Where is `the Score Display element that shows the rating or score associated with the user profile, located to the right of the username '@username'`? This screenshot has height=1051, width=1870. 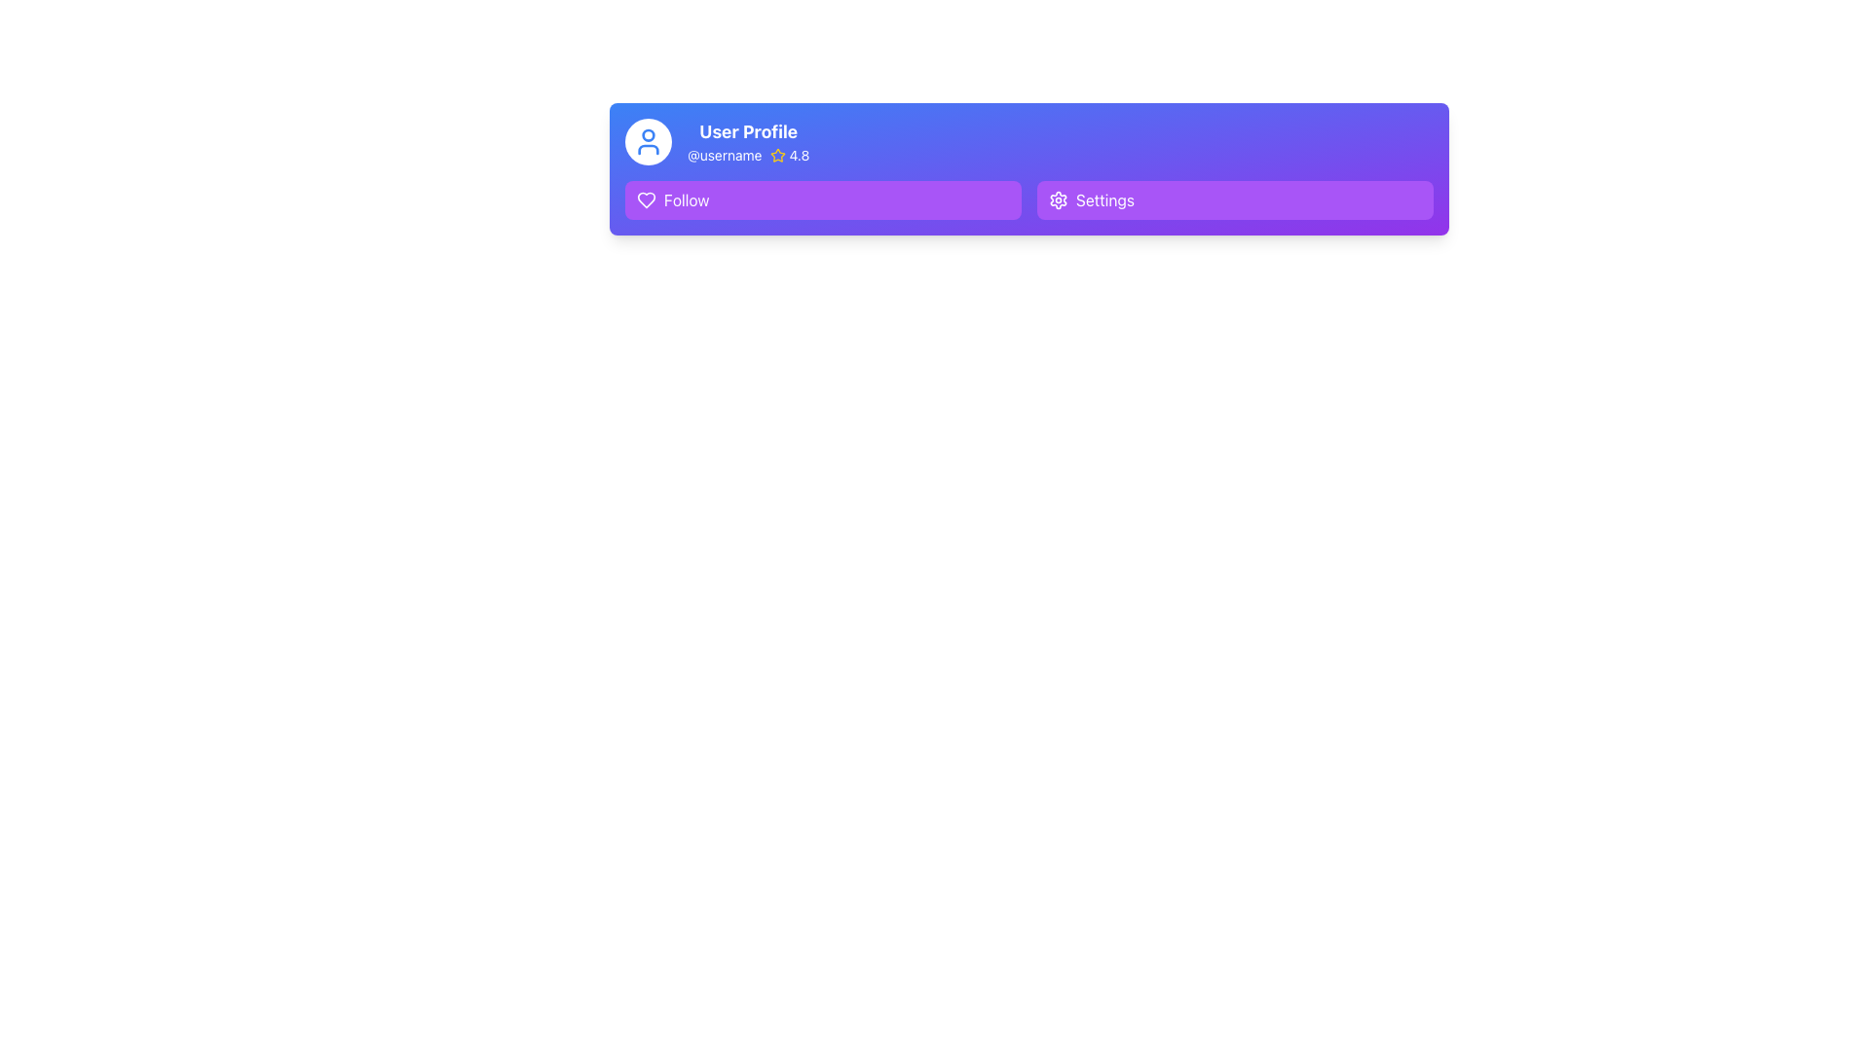 the Score Display element that shows the rating or score associated with the user profile, located to the right of the username '@username' is located at coordinates (789, 154).